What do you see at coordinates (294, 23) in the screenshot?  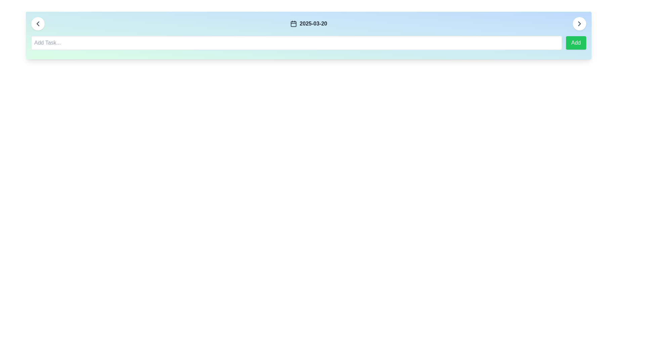 I see `the decorative rounded rectangle inside the calendar icon located near the upper center of the interface beside the text '2025-03-20'` at bounding box center [294, 23].